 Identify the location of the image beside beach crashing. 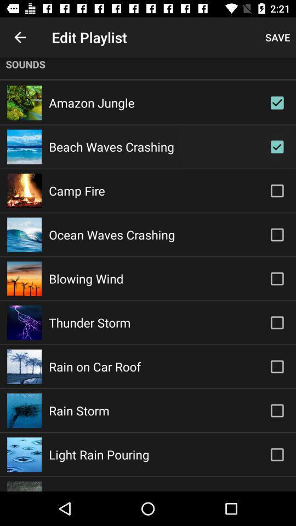
(24, 146).